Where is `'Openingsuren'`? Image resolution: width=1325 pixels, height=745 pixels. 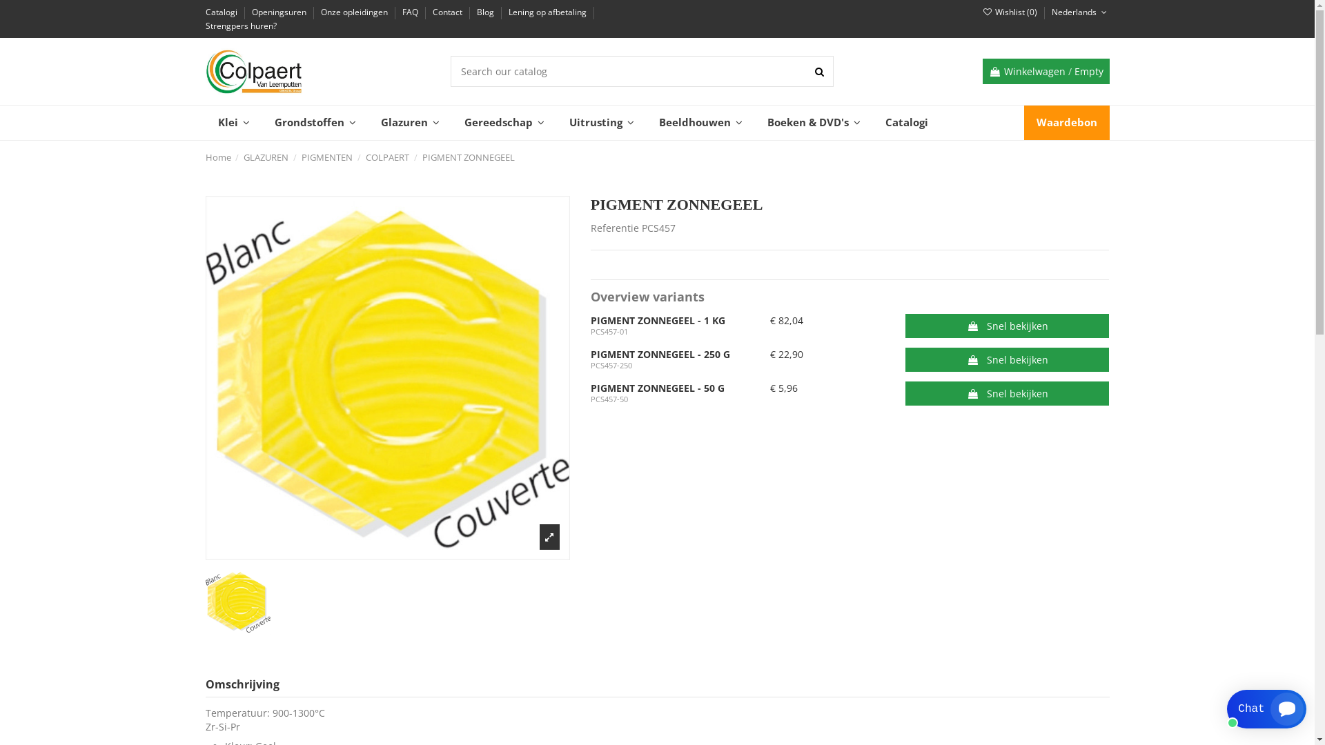
'Openingsuren' is located at coordinates (251, 12).